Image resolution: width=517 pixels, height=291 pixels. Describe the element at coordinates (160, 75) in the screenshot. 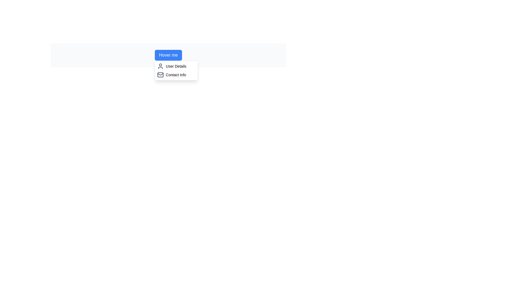

I see `the Graphical Icon Component of the mail icon located next to the 'Contact Info' text in the dropdown menu below the 'Hover me' button` at that location.